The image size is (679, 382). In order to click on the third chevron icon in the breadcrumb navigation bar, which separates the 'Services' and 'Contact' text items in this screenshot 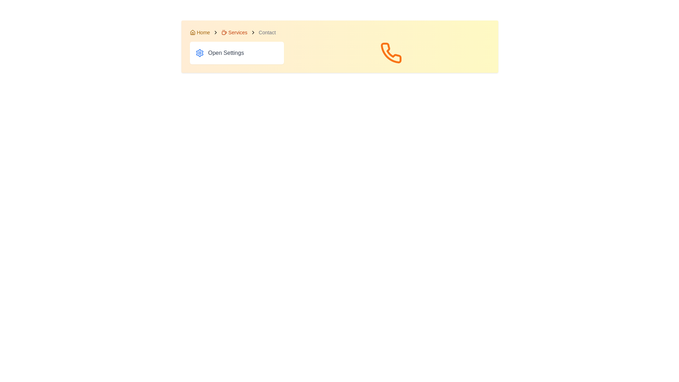, I will do `click(253, 33)`.